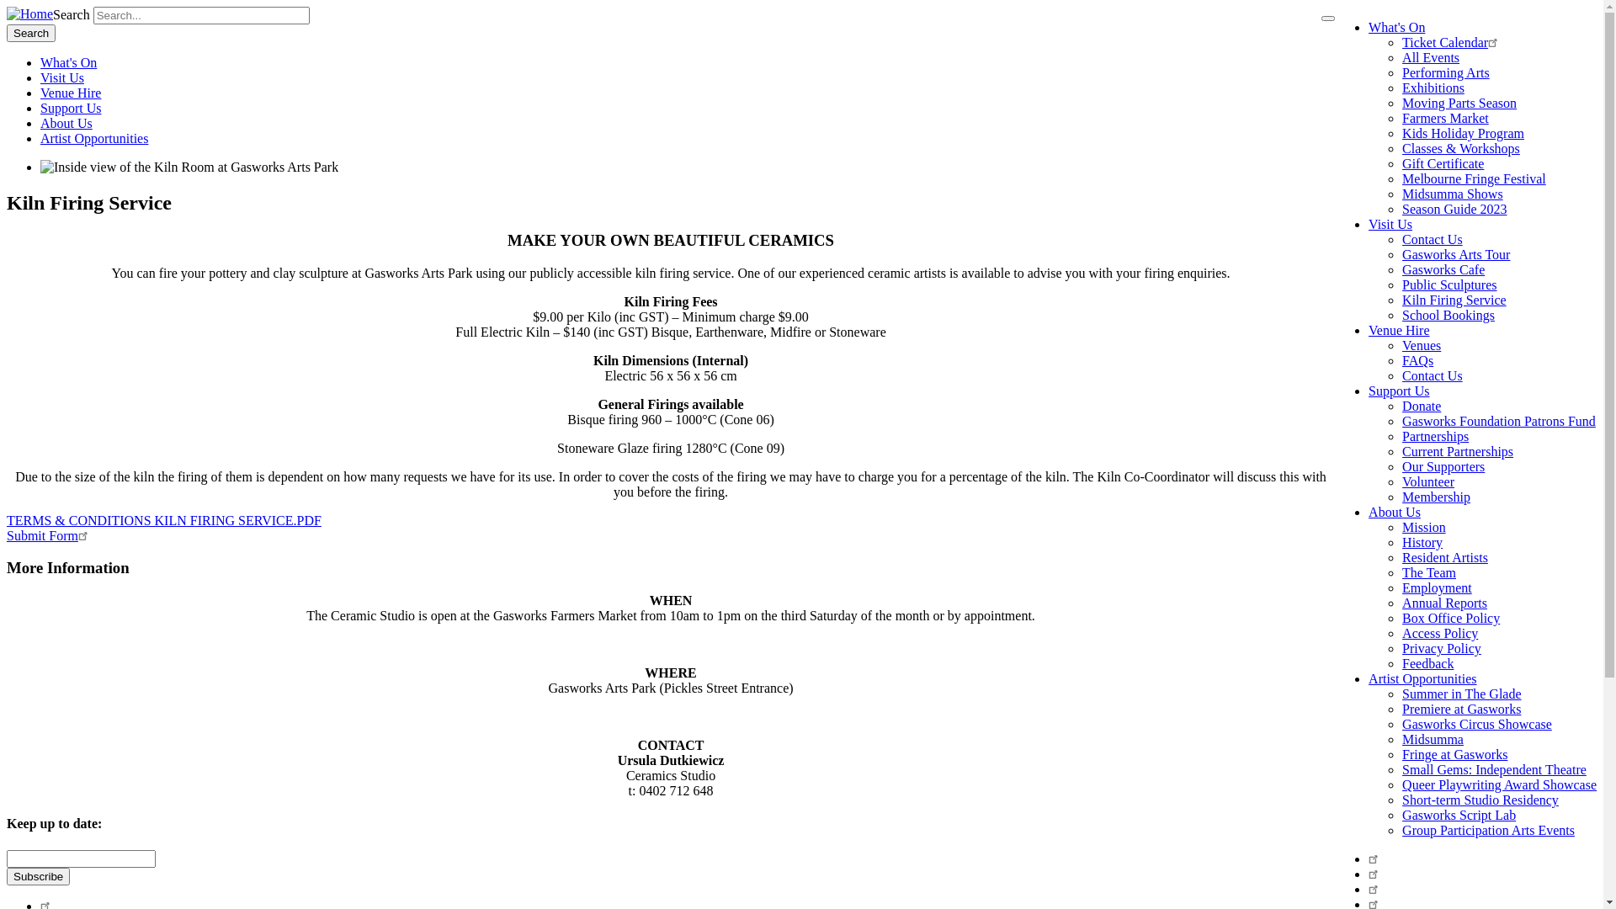  I want to click on 'Submit Form(link is external)', so click(49, 535).